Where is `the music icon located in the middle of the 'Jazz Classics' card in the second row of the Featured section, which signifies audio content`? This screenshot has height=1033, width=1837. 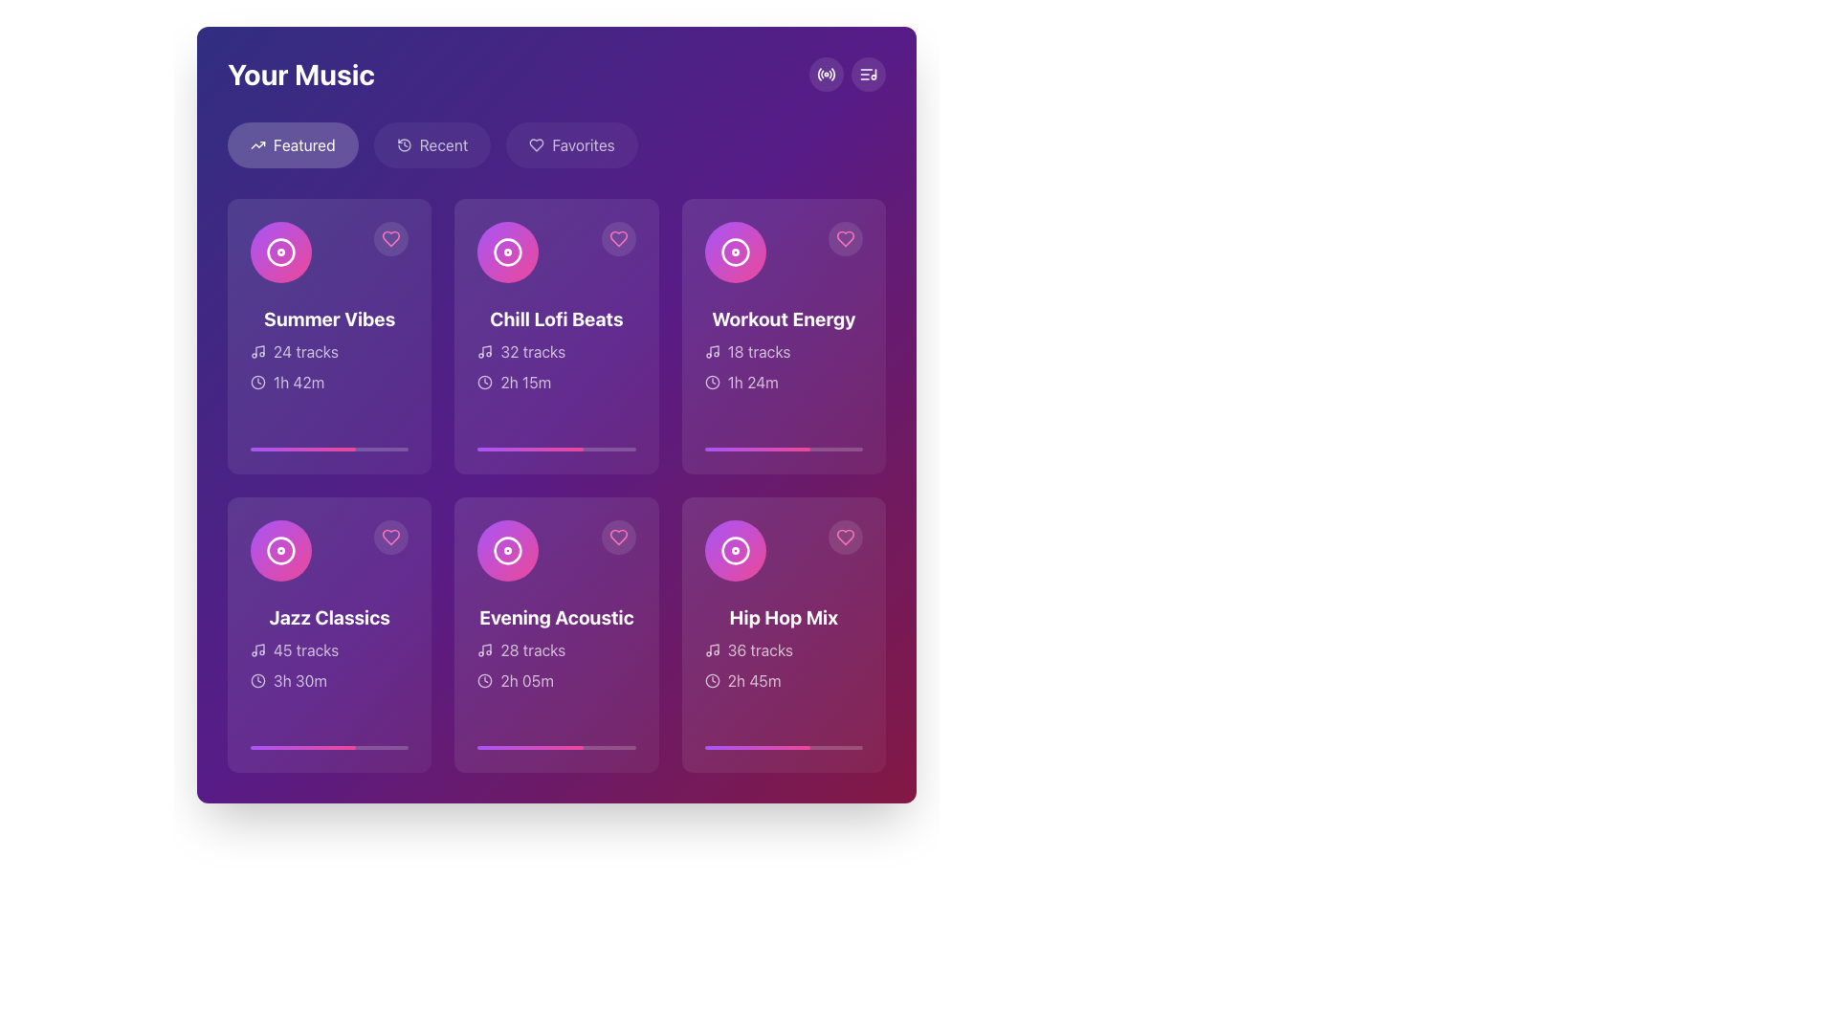
the music icon located in the middle of the 'Jazz Classics' card in the second row of the Featured section, which signifies audio content is located at coordinates (279, 550).